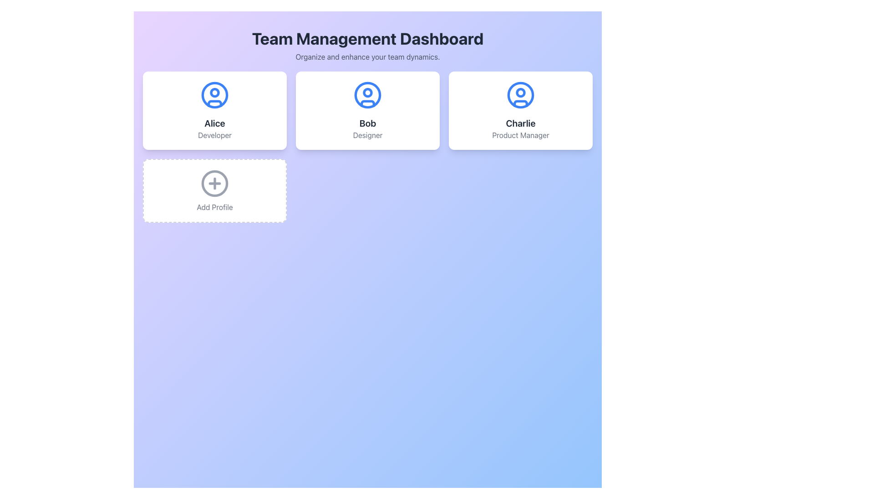 The width and height of the screenshot is (874, 492). What do you see at coordinates (214, 183) in the screenshot?
I see `the circular graphical element within the 'Add Profile' card, which features a gray stroke and a centered cross resembling a plus symbol` at bounding box center [214, 183].